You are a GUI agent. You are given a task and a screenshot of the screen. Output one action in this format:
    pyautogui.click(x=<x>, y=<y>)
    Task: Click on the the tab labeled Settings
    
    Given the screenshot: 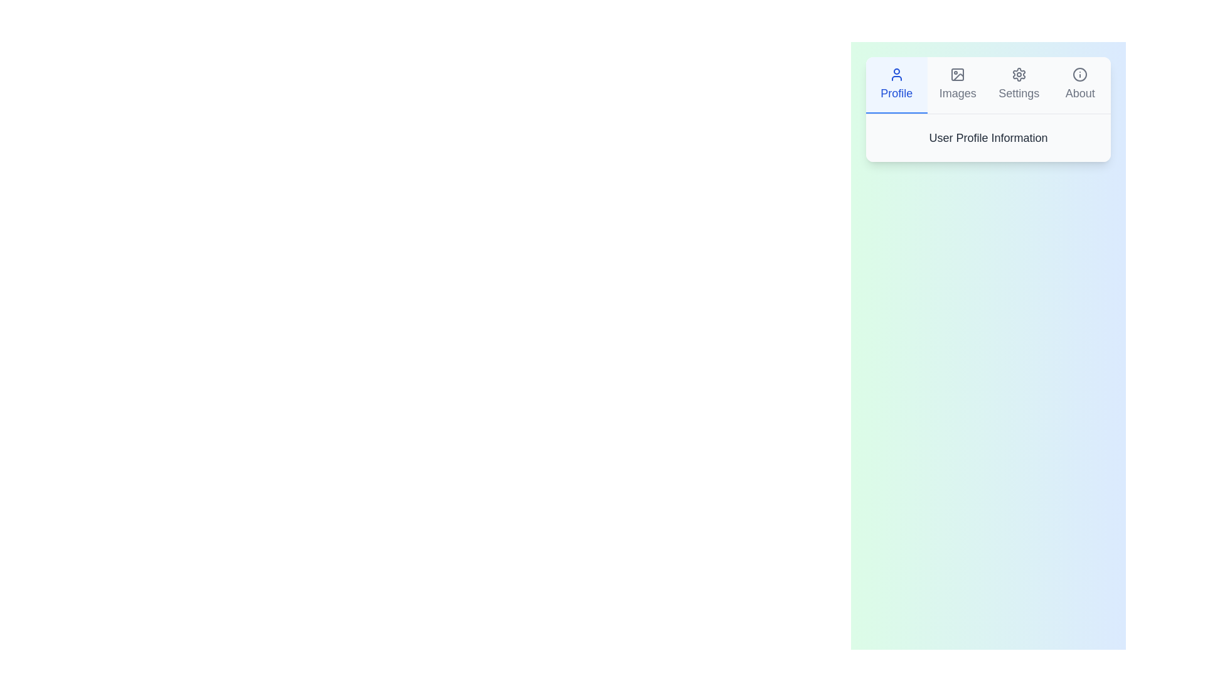 What is the action you would take?
    pyautogui.click(x=1019, y=85)
    